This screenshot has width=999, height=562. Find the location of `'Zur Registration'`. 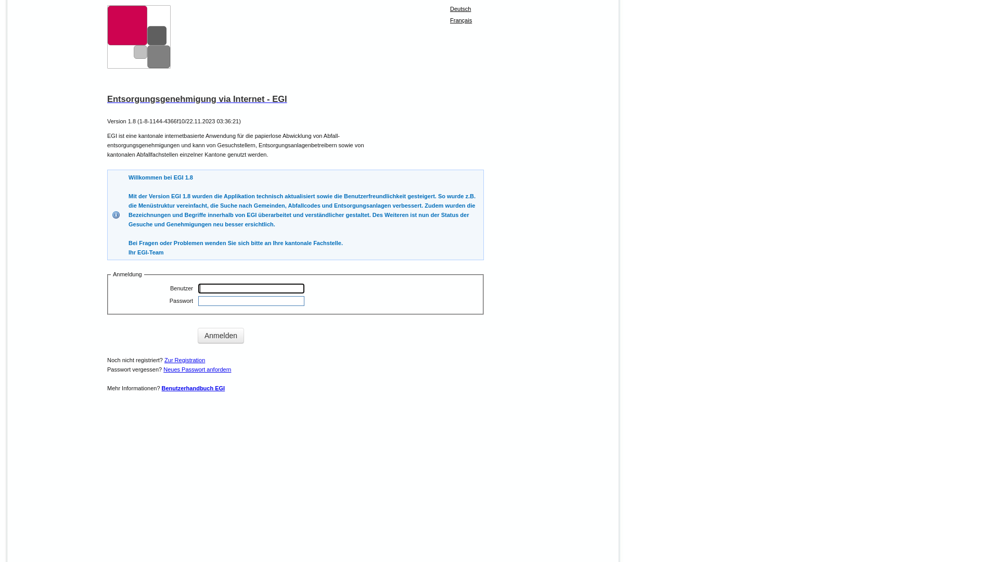

'Zur Registration' is located at coordinates (185, 359).